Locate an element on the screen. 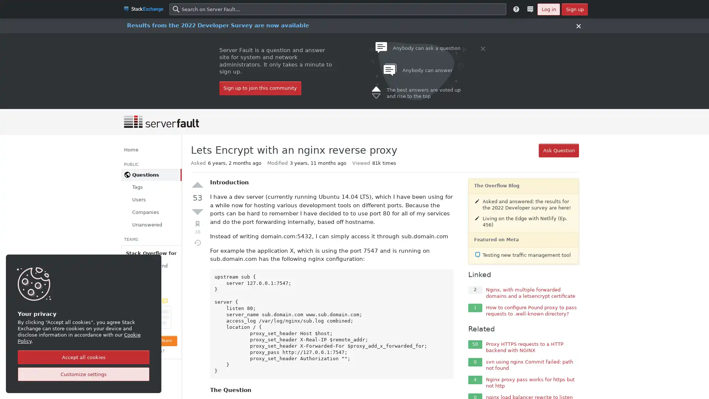 Image resolution: width=709 pixels, height=399 pixels. Down vote is located at coordinates (197, 211).